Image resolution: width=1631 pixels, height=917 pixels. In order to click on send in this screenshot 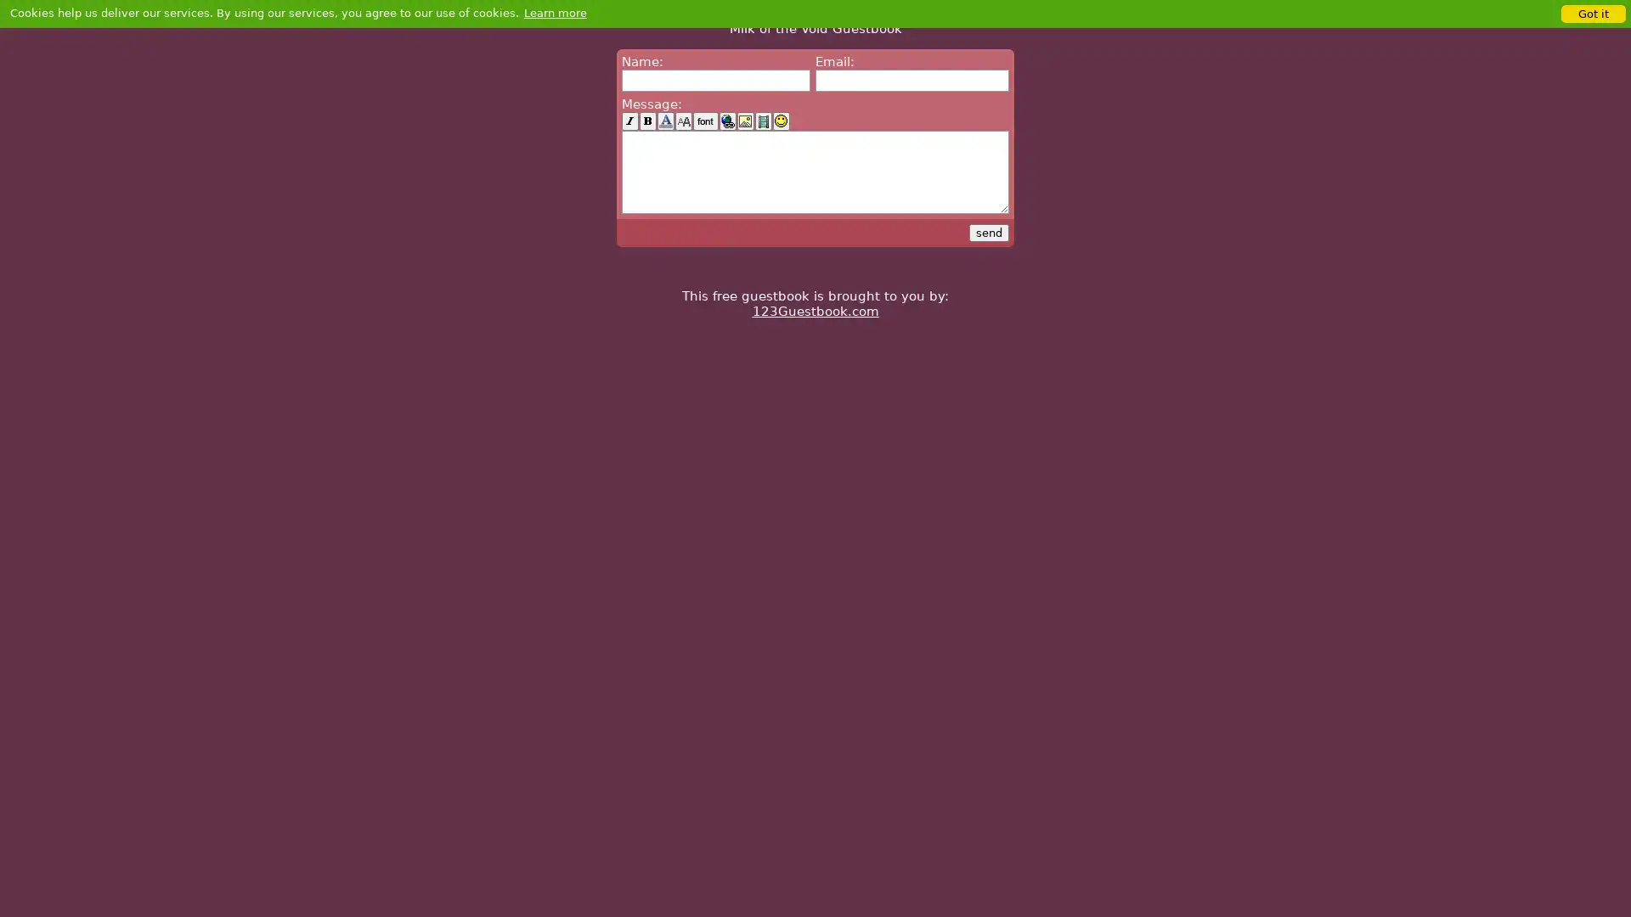, I will do `click(989, 233)`.